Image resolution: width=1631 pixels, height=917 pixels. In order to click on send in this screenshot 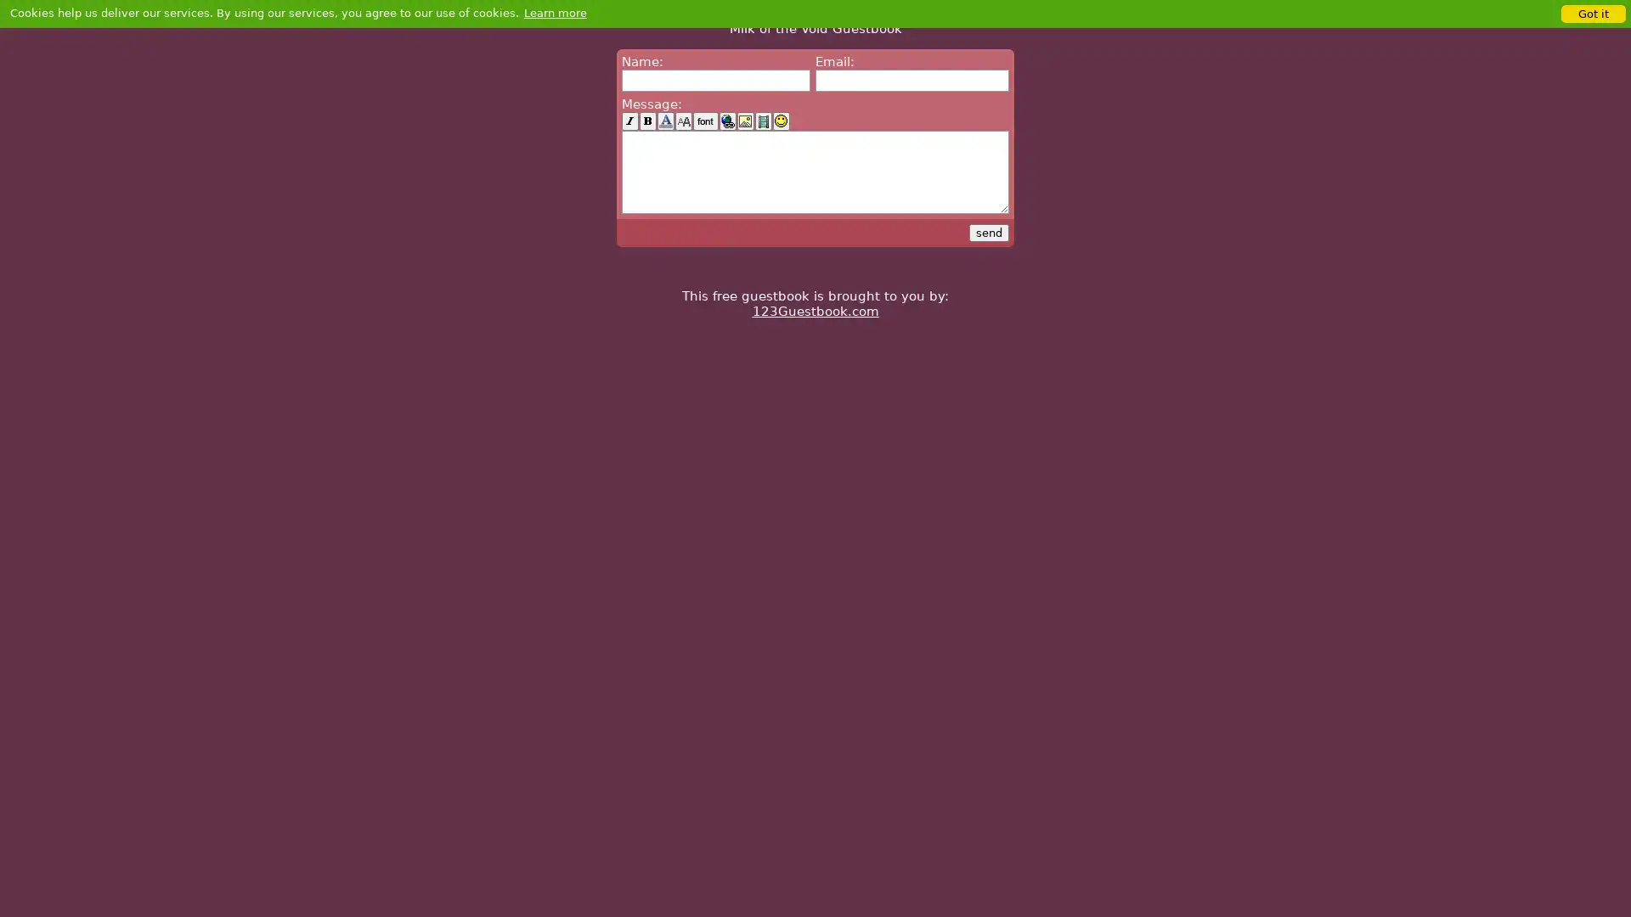, I will do `click(989, 233)`.